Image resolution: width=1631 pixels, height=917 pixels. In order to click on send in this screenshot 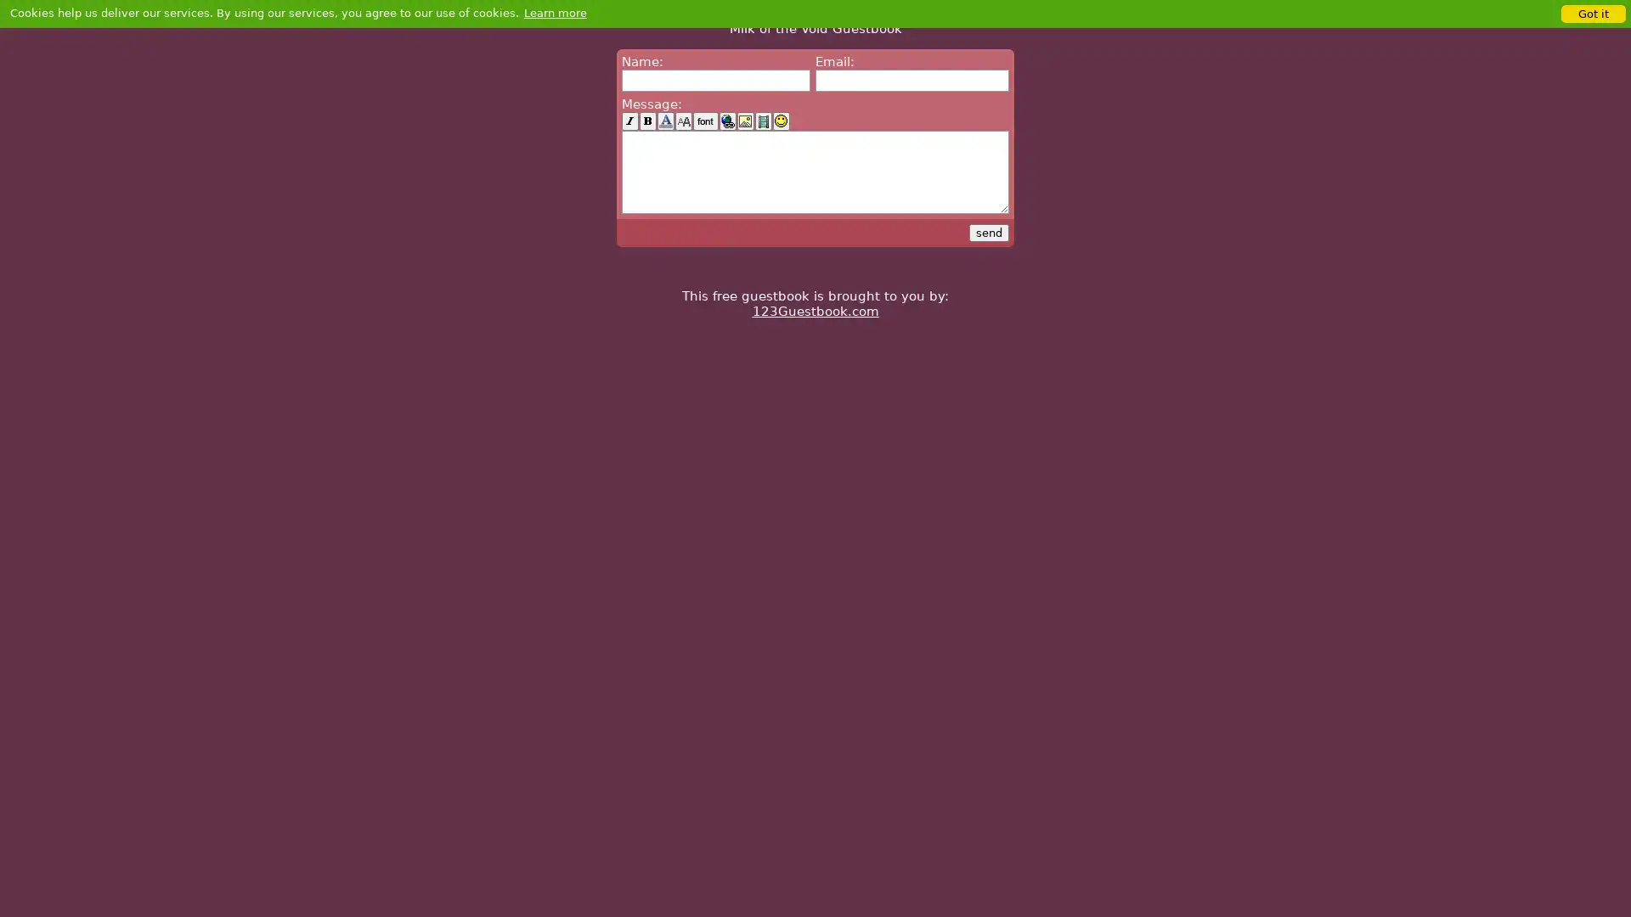, I will do `click(989, 233)`.